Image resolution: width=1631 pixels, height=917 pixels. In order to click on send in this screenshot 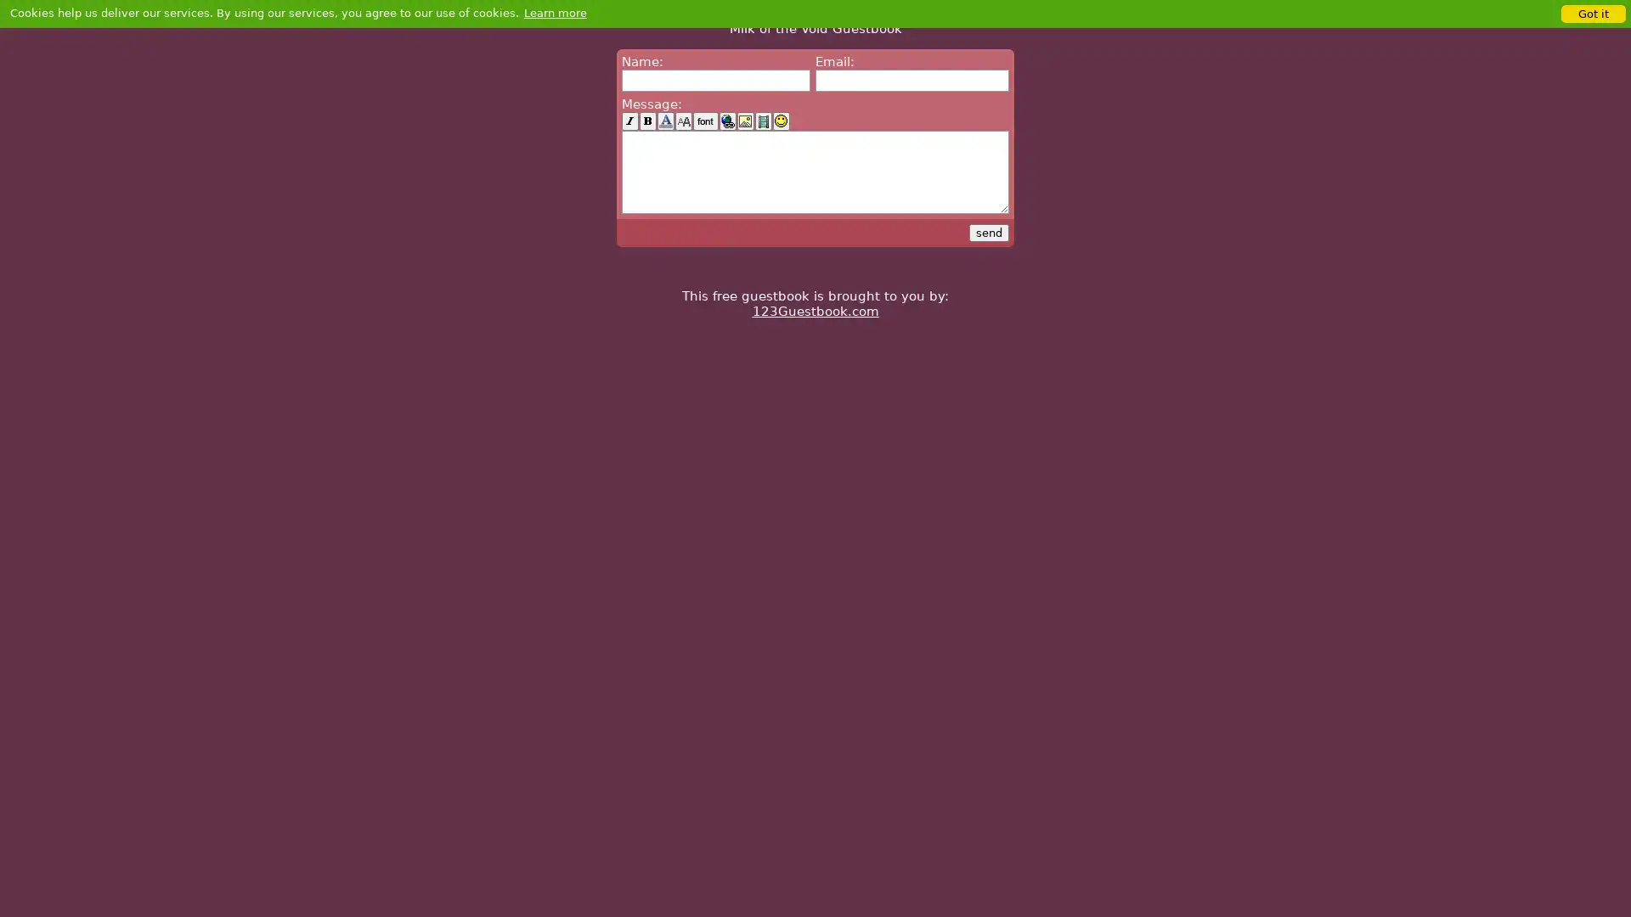, I will do `click(989, 233)`.